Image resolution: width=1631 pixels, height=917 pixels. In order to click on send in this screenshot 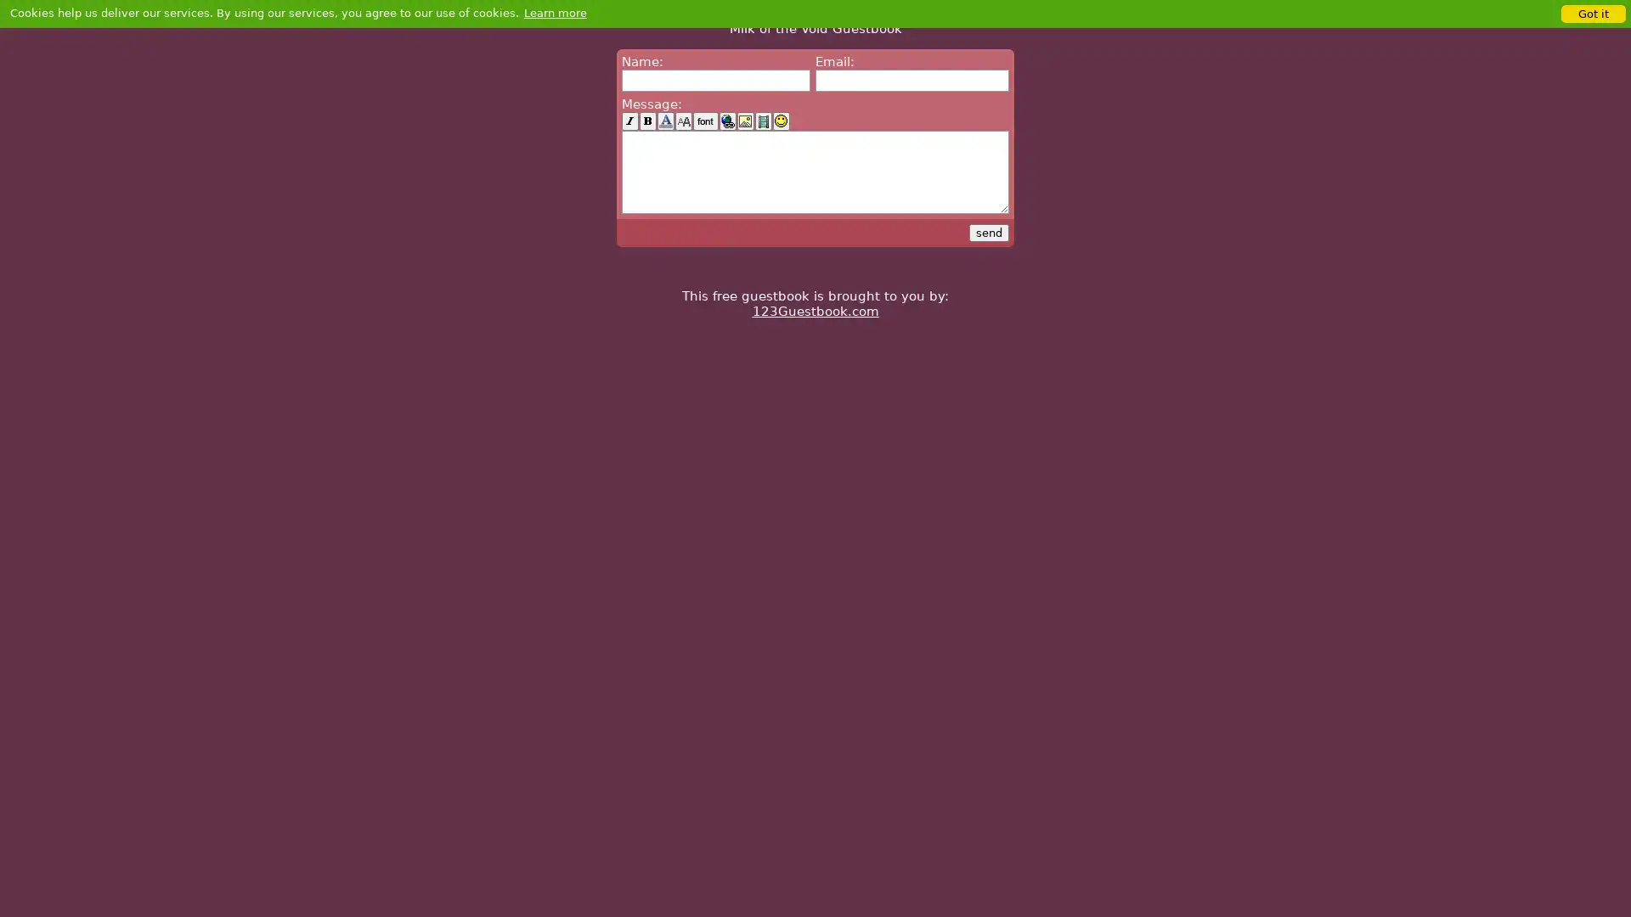, I will do `click(989, 233)`.